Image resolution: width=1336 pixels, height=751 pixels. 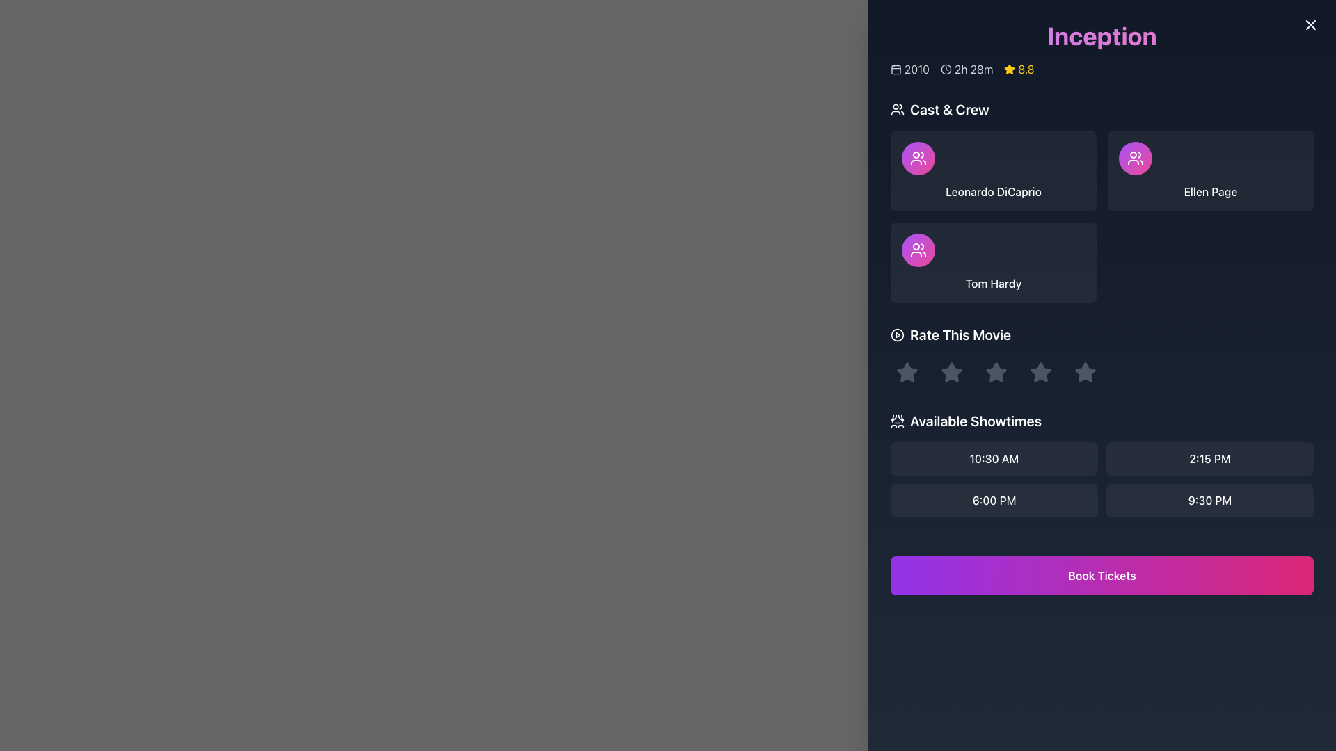 I want to click on a star in the Rating widget located in the 'Rate This Movie' section, so click(x=1102, y=372).